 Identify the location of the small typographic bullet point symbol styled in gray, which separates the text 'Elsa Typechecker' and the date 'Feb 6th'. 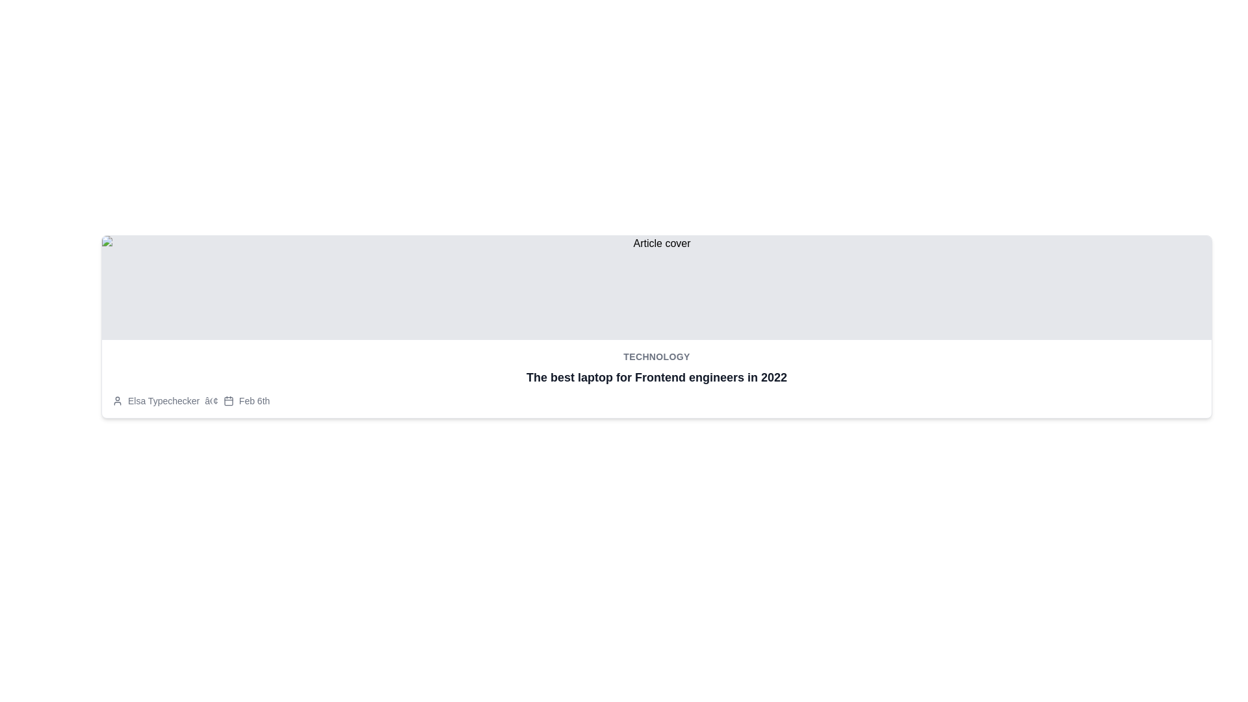
(211, 400).